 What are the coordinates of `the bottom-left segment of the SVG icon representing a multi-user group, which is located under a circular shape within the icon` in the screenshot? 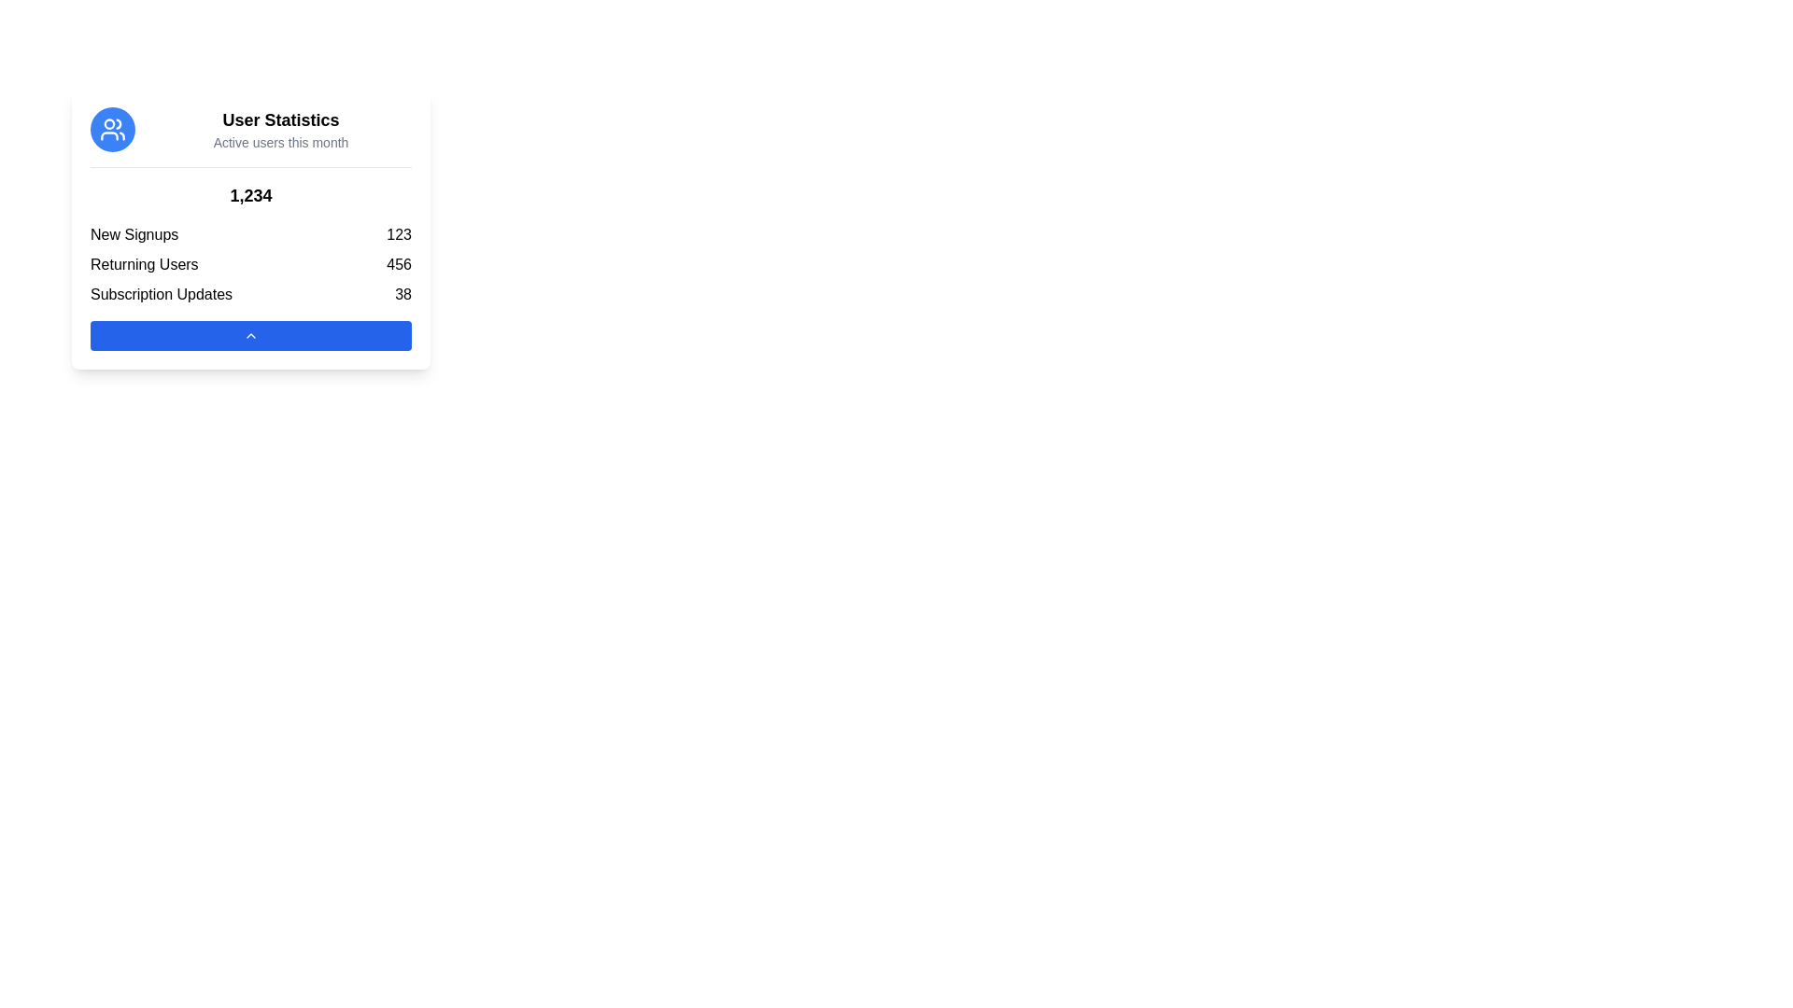 It's located at (108, 135).